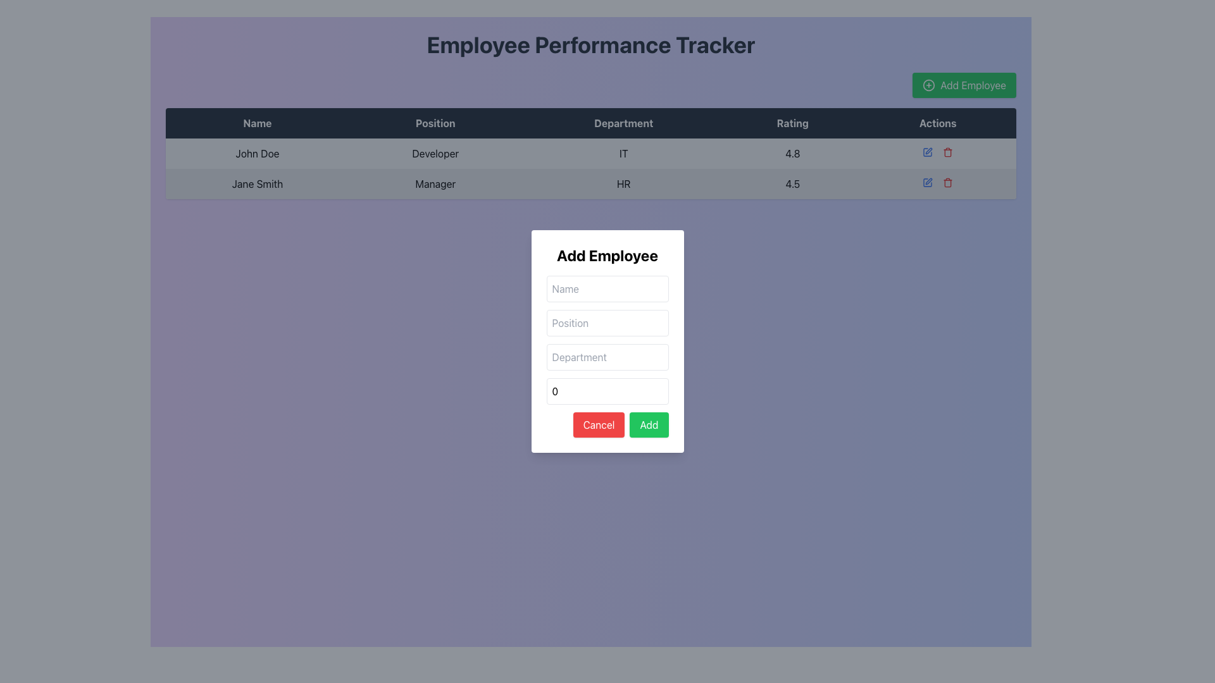 The image size is (1215, 683). Describe the element at coordinates (257, 183) in the screenshot. I see `the static text label displaying 'Jane Smith' located in the second row under the 'Name' column of the table` at that location.